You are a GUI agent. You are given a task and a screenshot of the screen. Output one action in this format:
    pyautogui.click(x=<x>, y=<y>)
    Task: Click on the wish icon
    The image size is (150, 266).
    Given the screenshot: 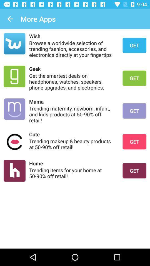 What is the action you would take?
    pyautogui.click(x=72, y=36)
    